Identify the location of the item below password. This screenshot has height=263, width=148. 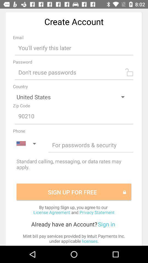
(74, 72).